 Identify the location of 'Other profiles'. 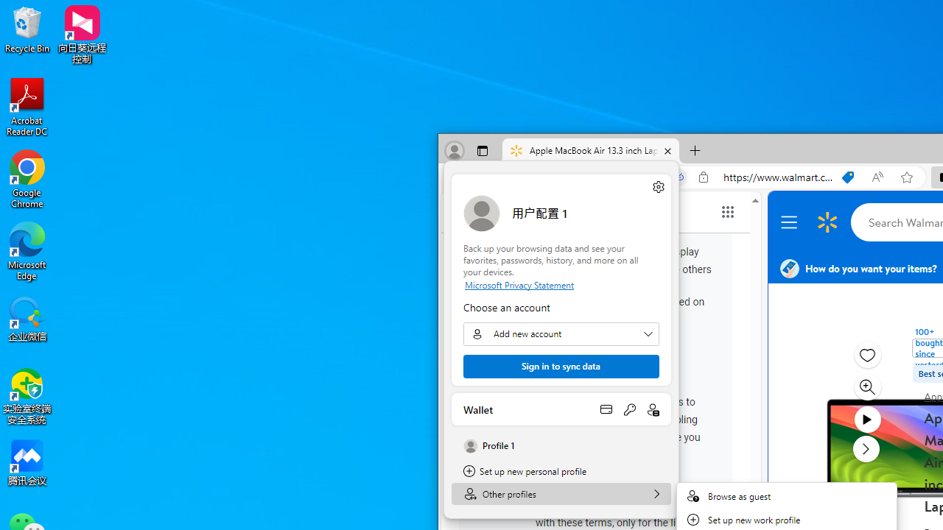
(561, 494).